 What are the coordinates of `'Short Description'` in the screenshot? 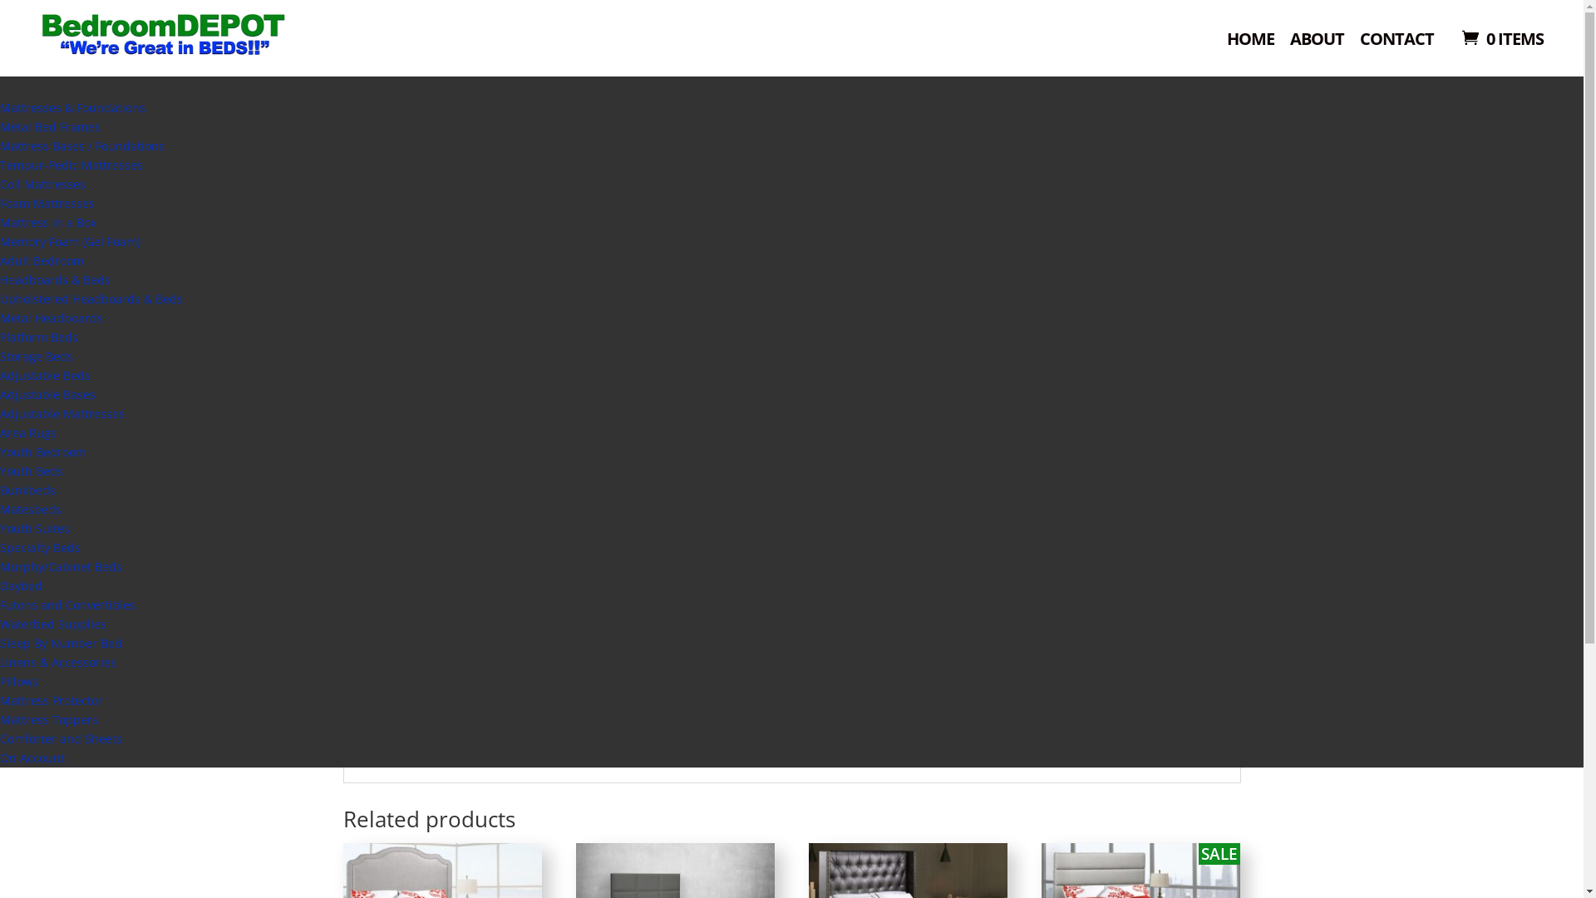 It's located at (419, 727).